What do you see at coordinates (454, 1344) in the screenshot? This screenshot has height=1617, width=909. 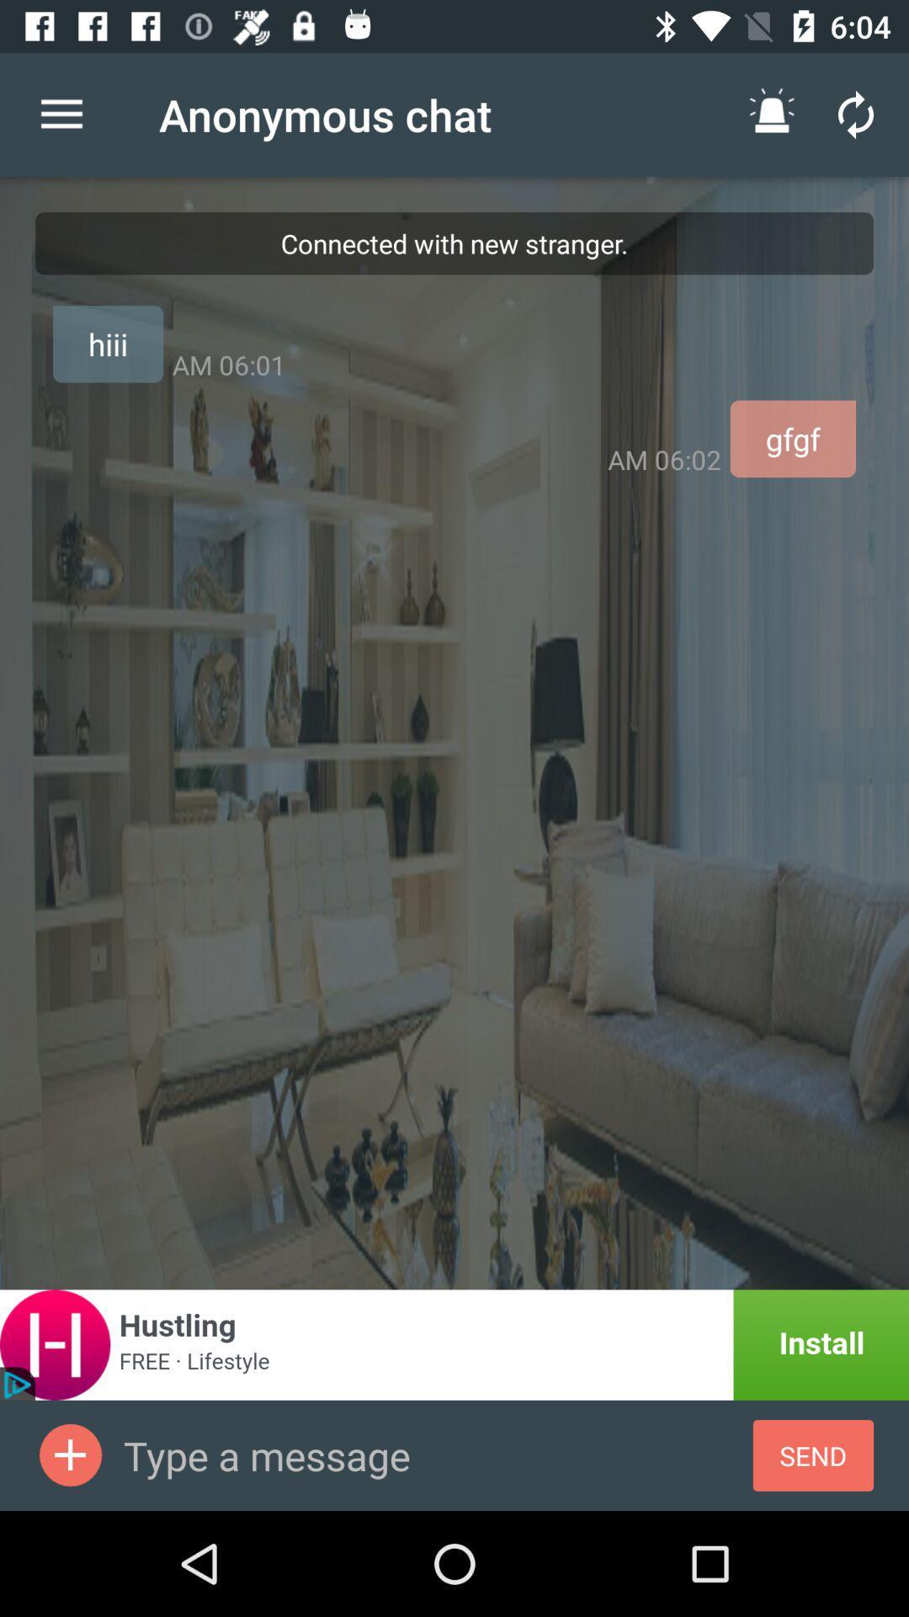 I see `advertisement` at bounding box center [454, 1344].